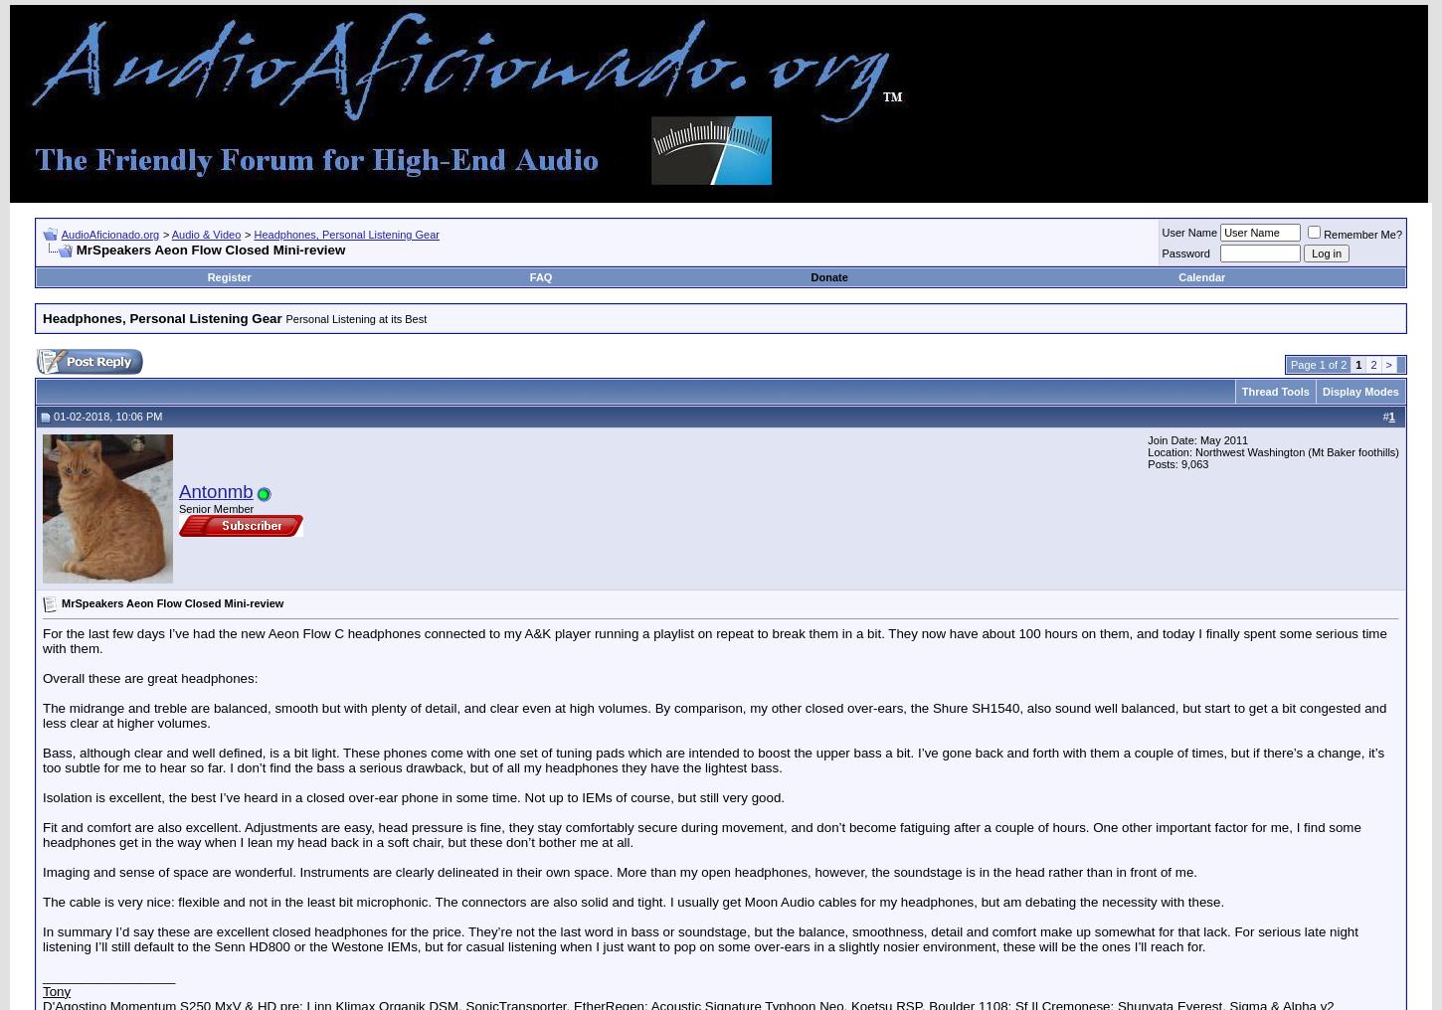  I want to click on 'Overall these are great headphones:', so click(148, 676).